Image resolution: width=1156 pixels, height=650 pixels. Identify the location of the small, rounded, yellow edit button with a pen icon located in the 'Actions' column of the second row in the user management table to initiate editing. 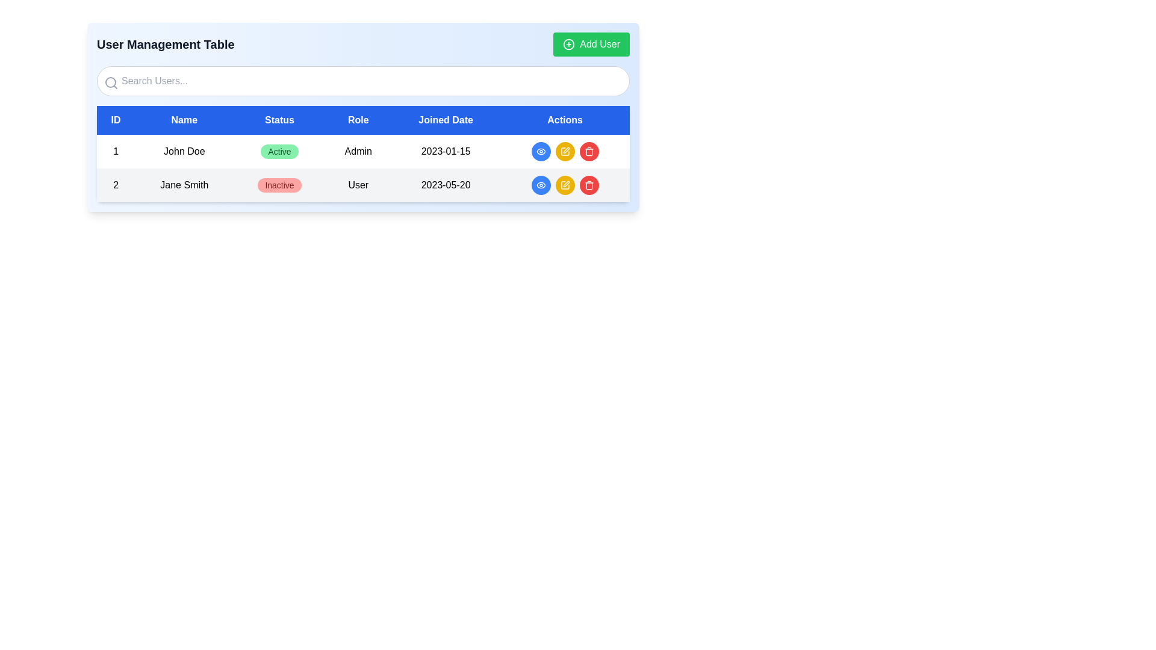
(564, 185).